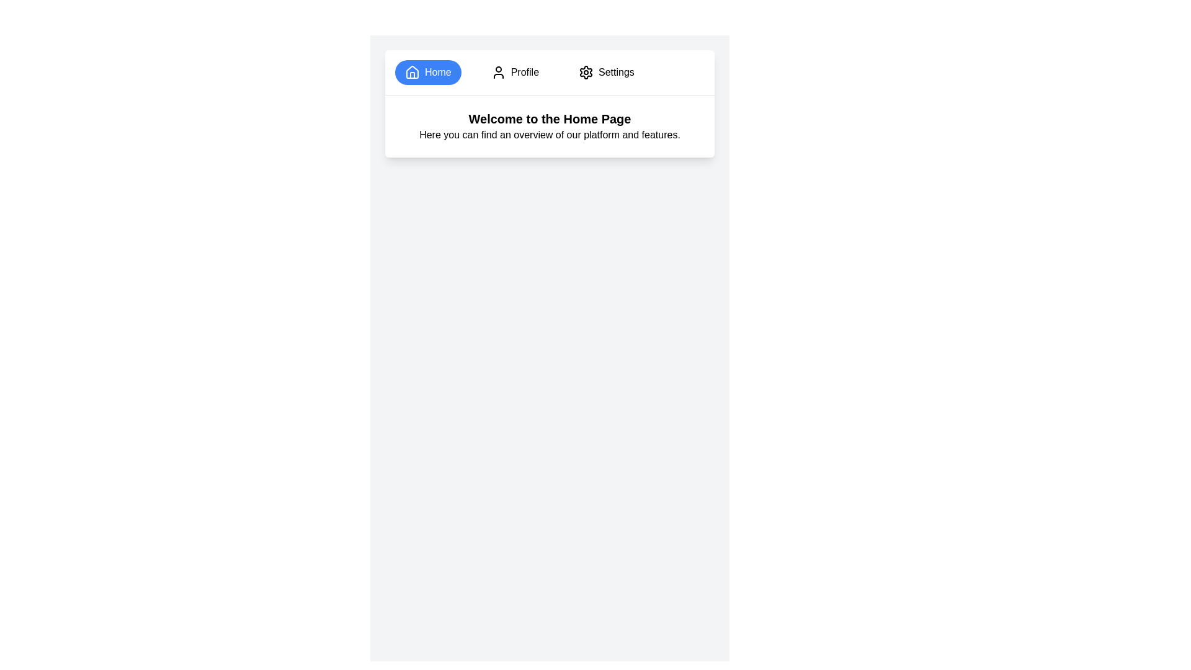 The image size is (1191, 670). I want to click on the 'Profile' button, which is the second button in the top navigation bar, so click(515, 72).